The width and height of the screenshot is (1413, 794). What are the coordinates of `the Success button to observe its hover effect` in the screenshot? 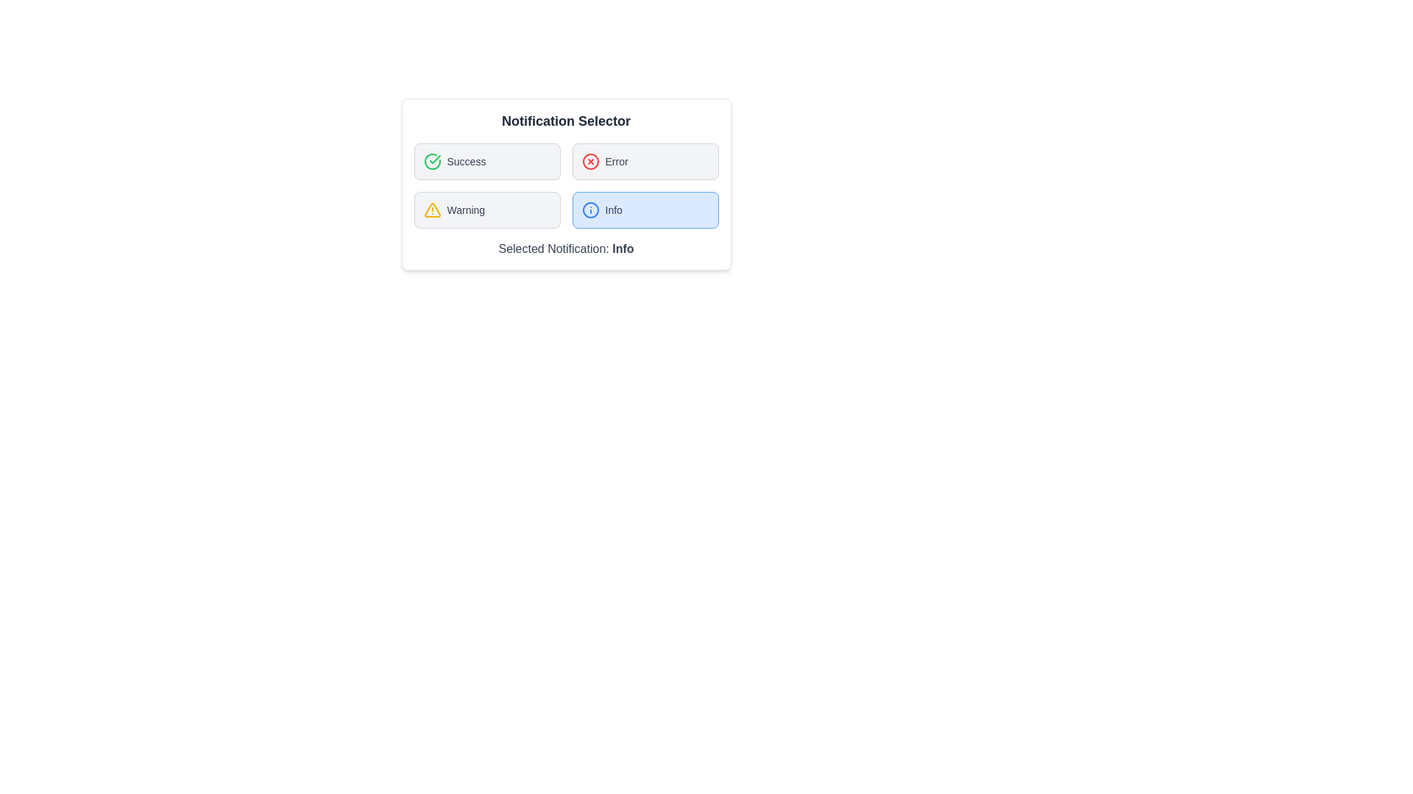 It's located at (487, 161).